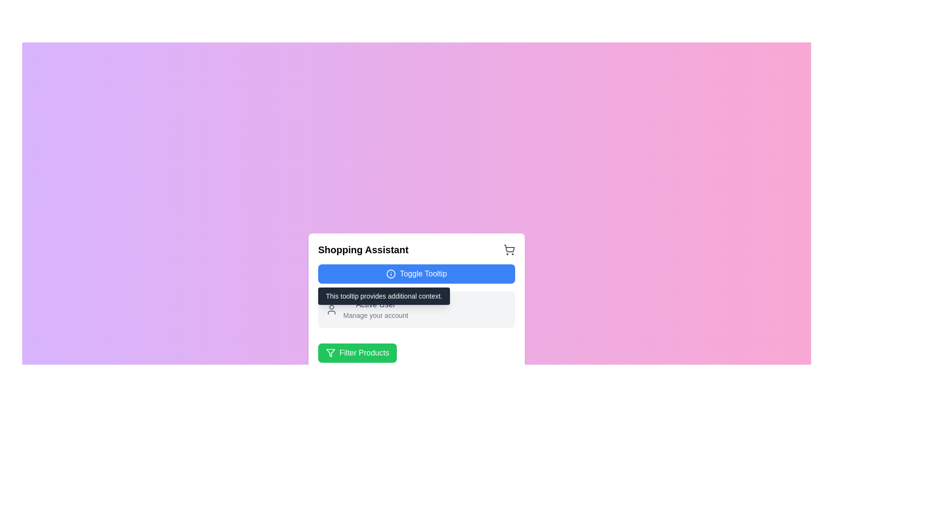 The image size is (927, 521). What do you see at coordinates (509, 248) in the screenshot?
I see `the shopping cart icon located at the top-right corner of the interface, adjacent to the 'Shopping Assistant' header text` at bounding box center [509, 248].